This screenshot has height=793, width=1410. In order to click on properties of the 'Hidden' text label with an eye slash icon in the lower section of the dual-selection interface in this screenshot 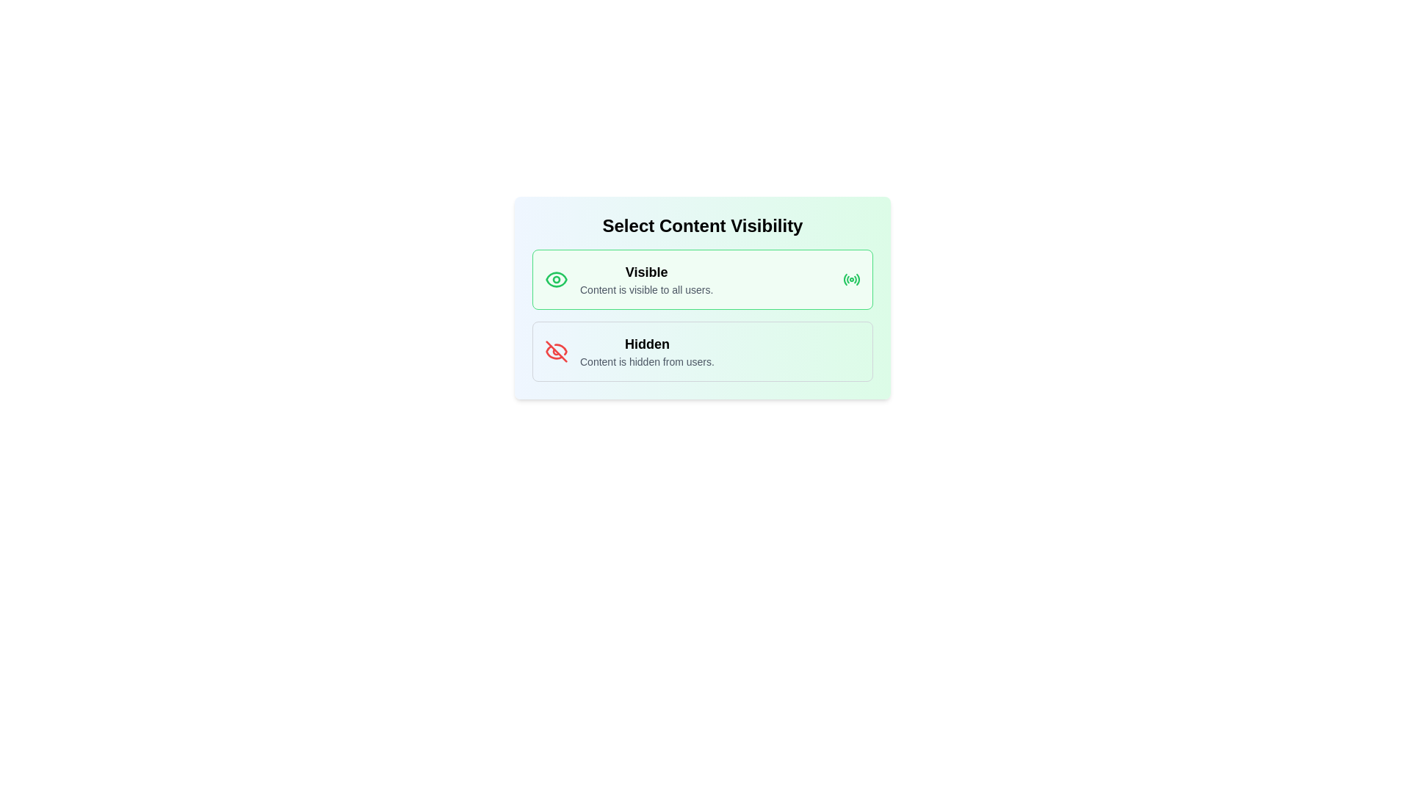, I will do `click(646, 351)`.